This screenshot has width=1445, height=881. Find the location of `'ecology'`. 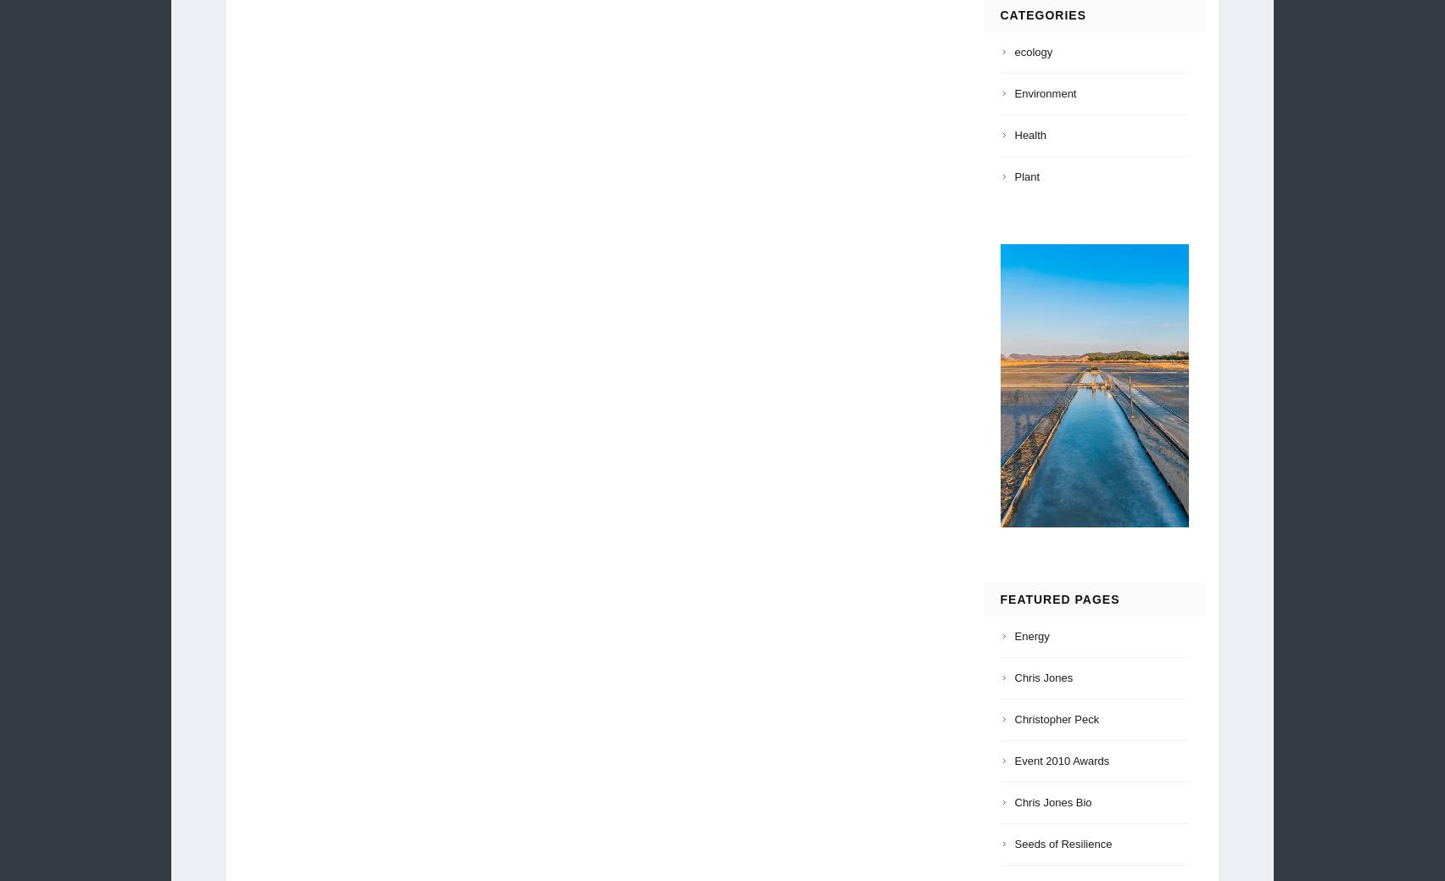

'ecology' is located at coordinates (1013, 51).